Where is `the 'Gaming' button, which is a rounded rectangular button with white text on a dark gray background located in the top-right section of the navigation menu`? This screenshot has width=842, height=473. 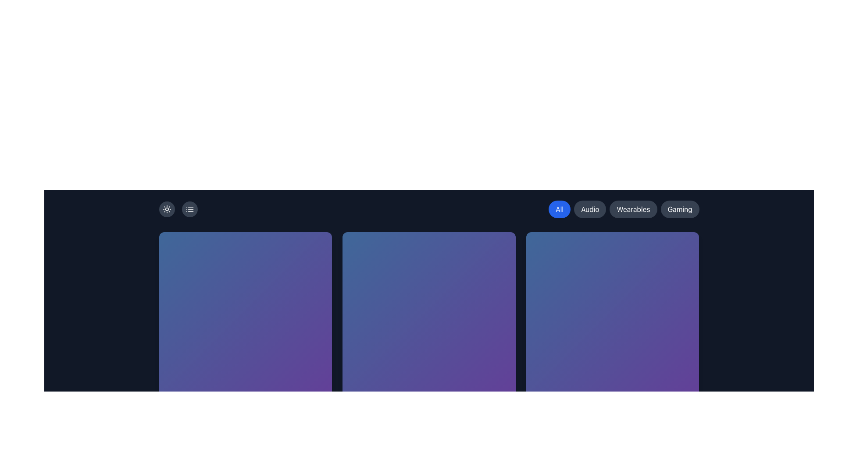
the 'Gaming' button, which is a rounded rectangular button with white text on a dark gray background located in the top-right section of the navigation menu is located at coordinates (679, 209).